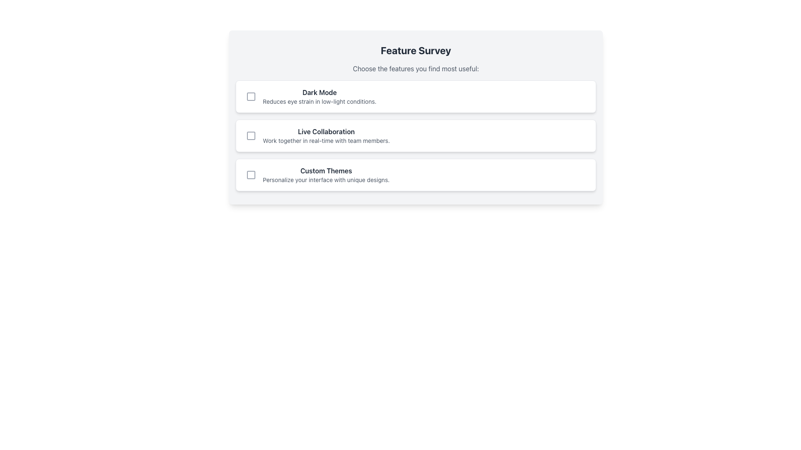  I want to click on the SVG component indicating the selected or unselected state of the second option in the vertical list, which is positioned to the left of the text 'Live Collaboration', so click(250, 135).